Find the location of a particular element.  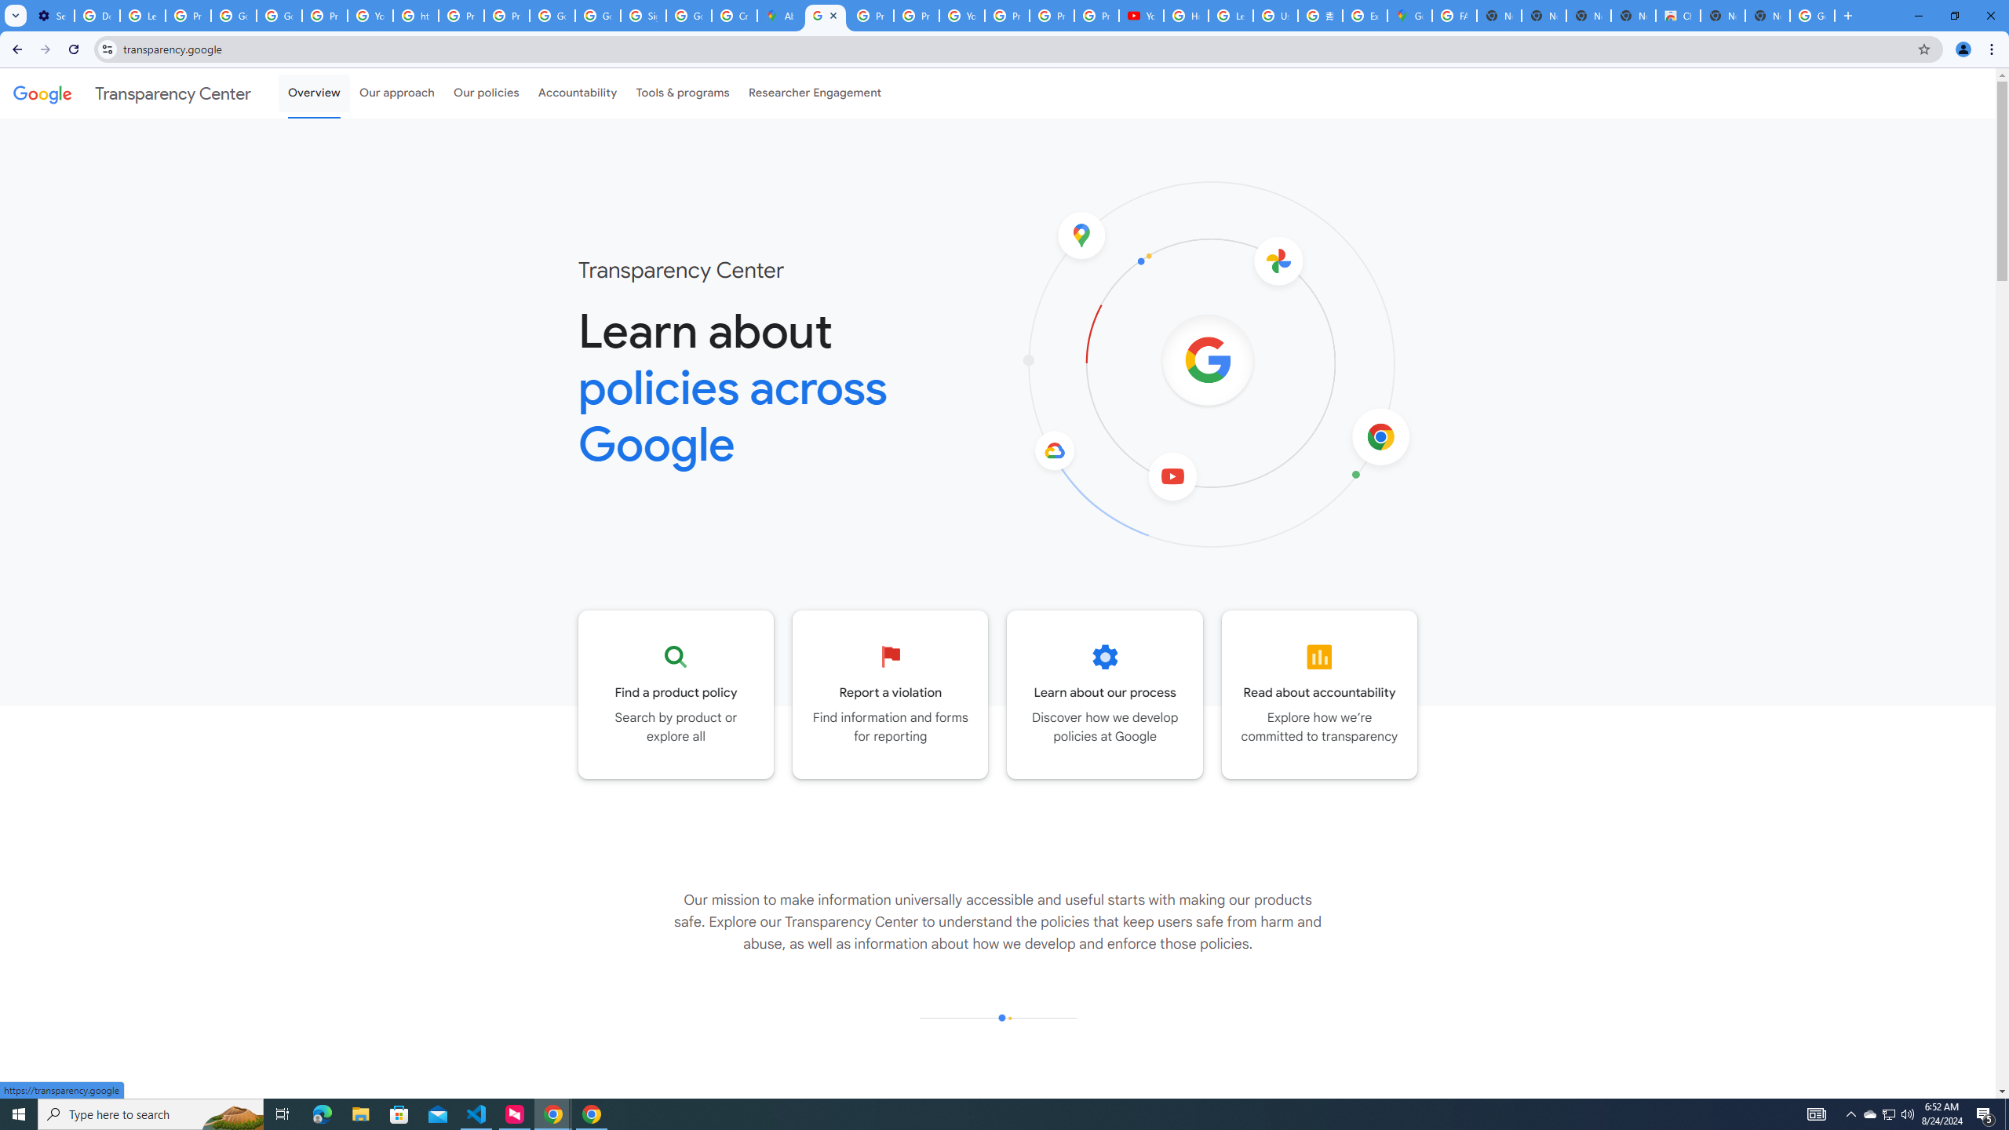

'New Tab' is located at coordinates (1767, 15).